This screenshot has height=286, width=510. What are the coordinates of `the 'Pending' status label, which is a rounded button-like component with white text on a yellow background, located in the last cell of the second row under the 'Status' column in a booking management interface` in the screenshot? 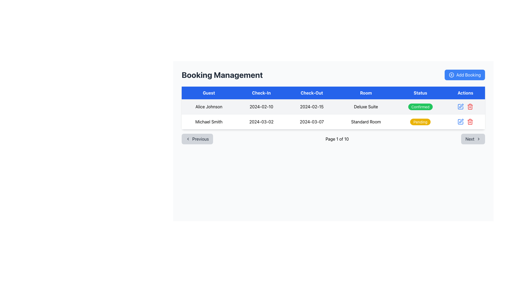 It's located at (420, 122).